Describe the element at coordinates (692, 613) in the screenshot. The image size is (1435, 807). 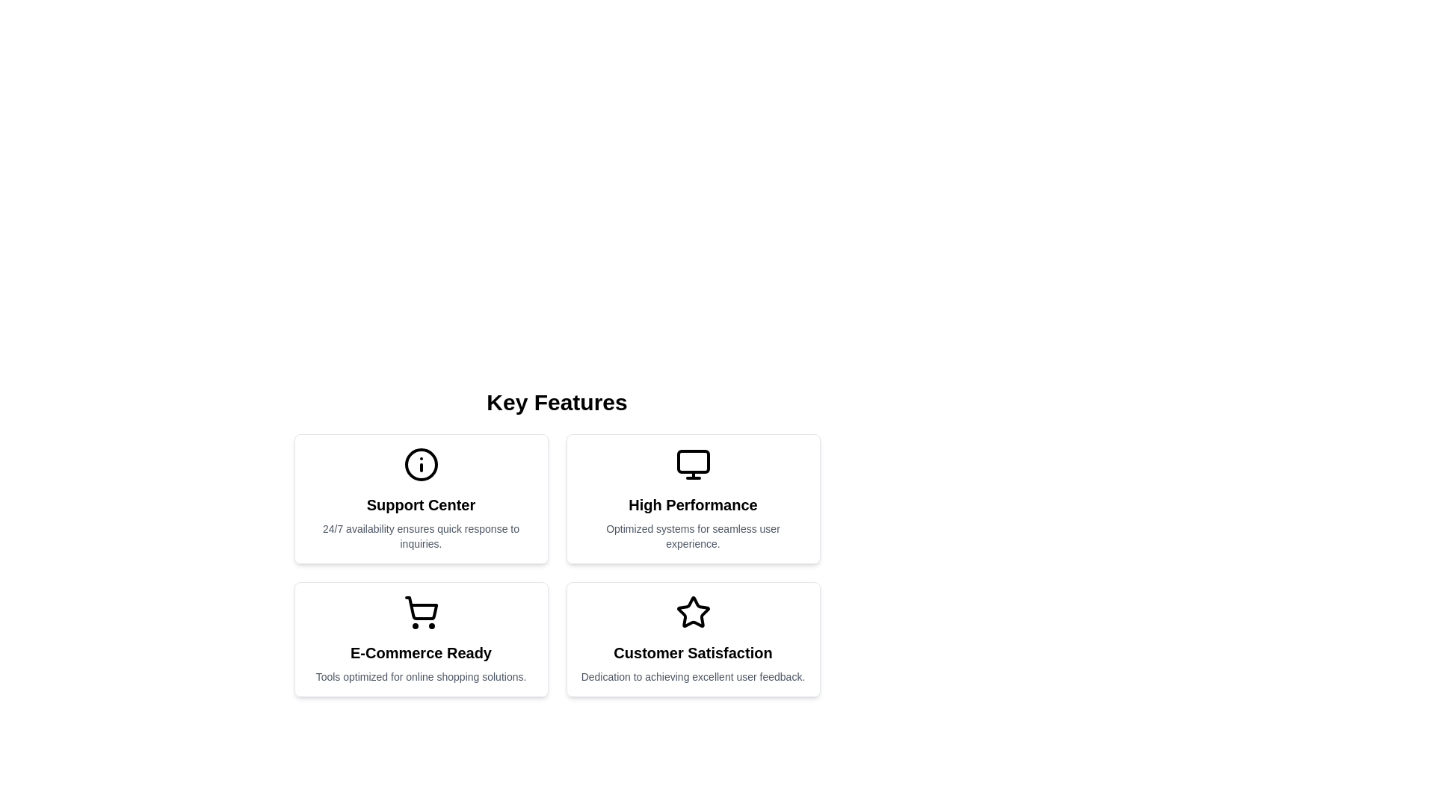
I see `the 'Customer Satisfaction' icon located in the bottom-right quadrant of the grid layout beneath the title 'Key Features'` at that location.